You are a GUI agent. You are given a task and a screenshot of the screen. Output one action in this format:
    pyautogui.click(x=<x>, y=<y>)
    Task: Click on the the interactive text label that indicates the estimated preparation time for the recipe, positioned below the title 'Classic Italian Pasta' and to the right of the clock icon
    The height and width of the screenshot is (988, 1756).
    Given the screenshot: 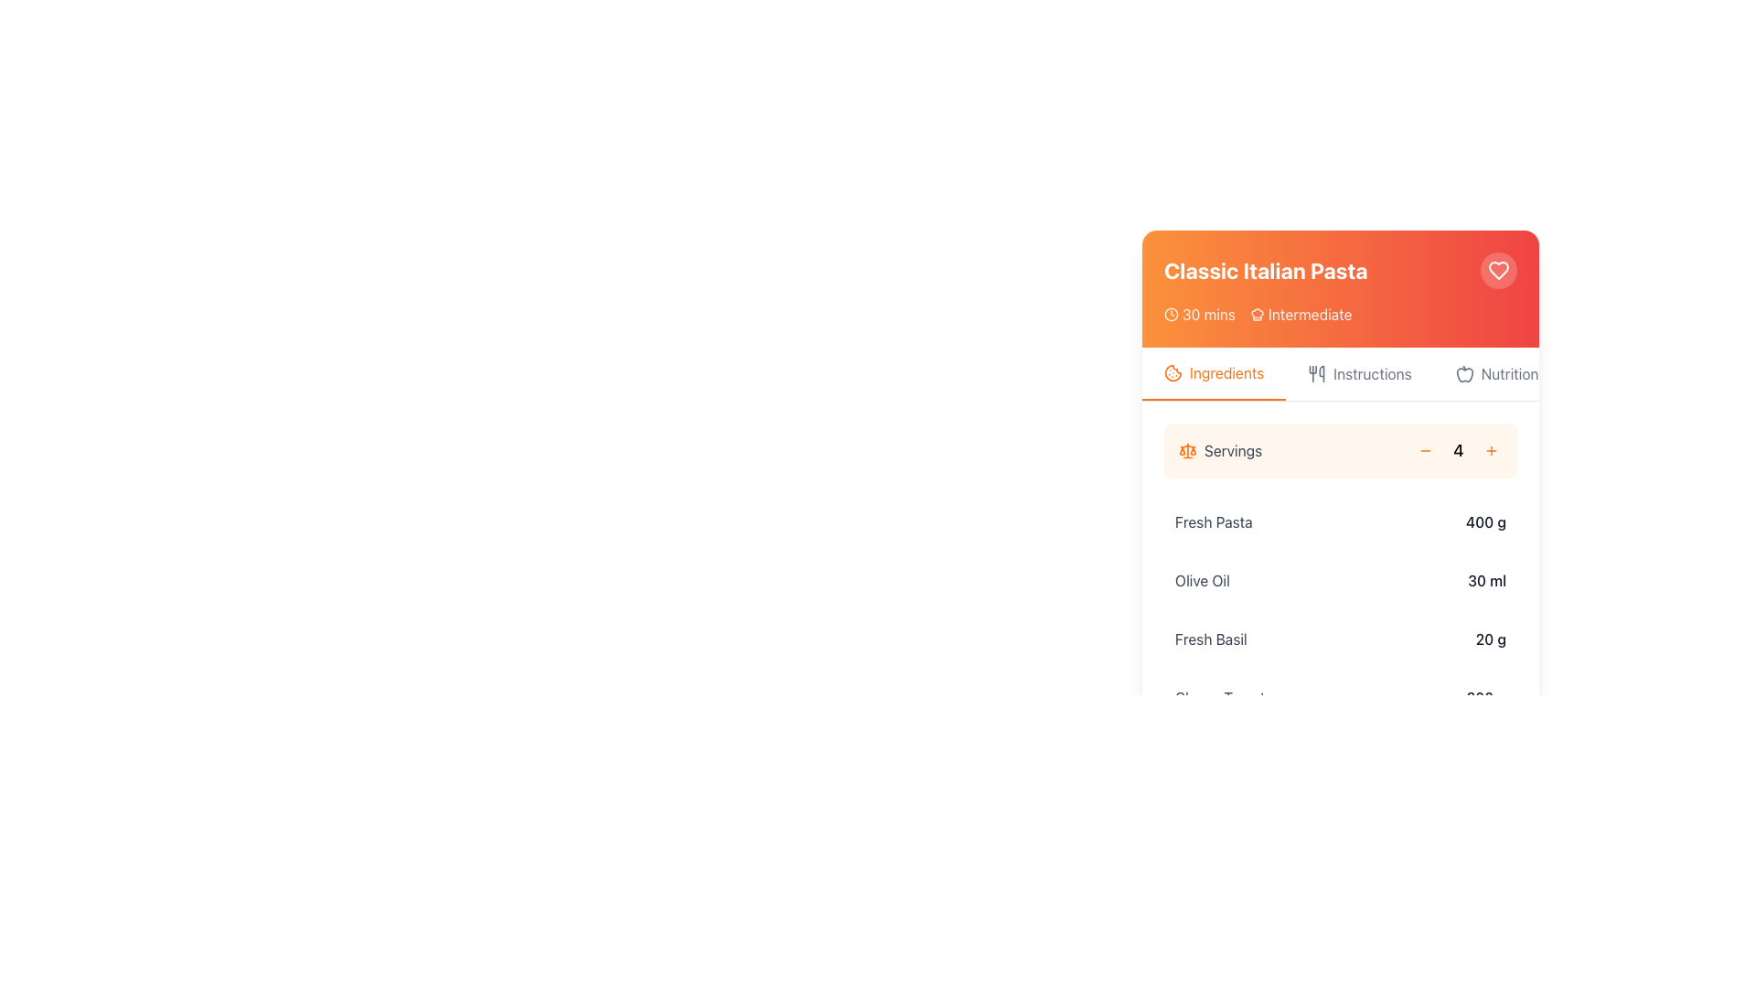 What is the action you would take?
    pyautogui.click(x=1208, y=313)
    